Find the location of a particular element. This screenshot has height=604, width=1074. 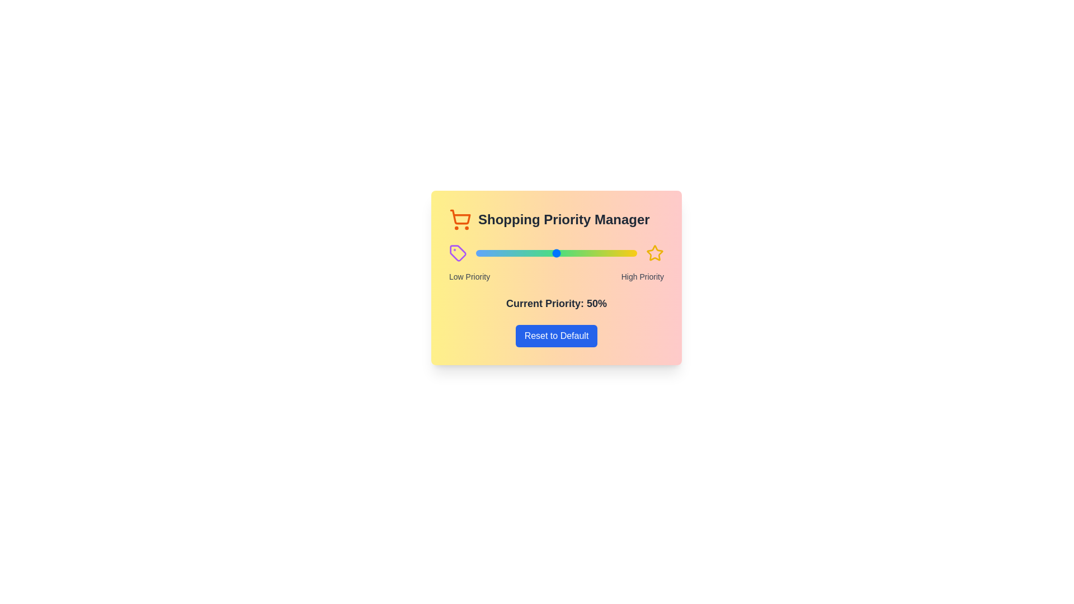

the star_icon to display additional information is located at coordinates (655, 253).